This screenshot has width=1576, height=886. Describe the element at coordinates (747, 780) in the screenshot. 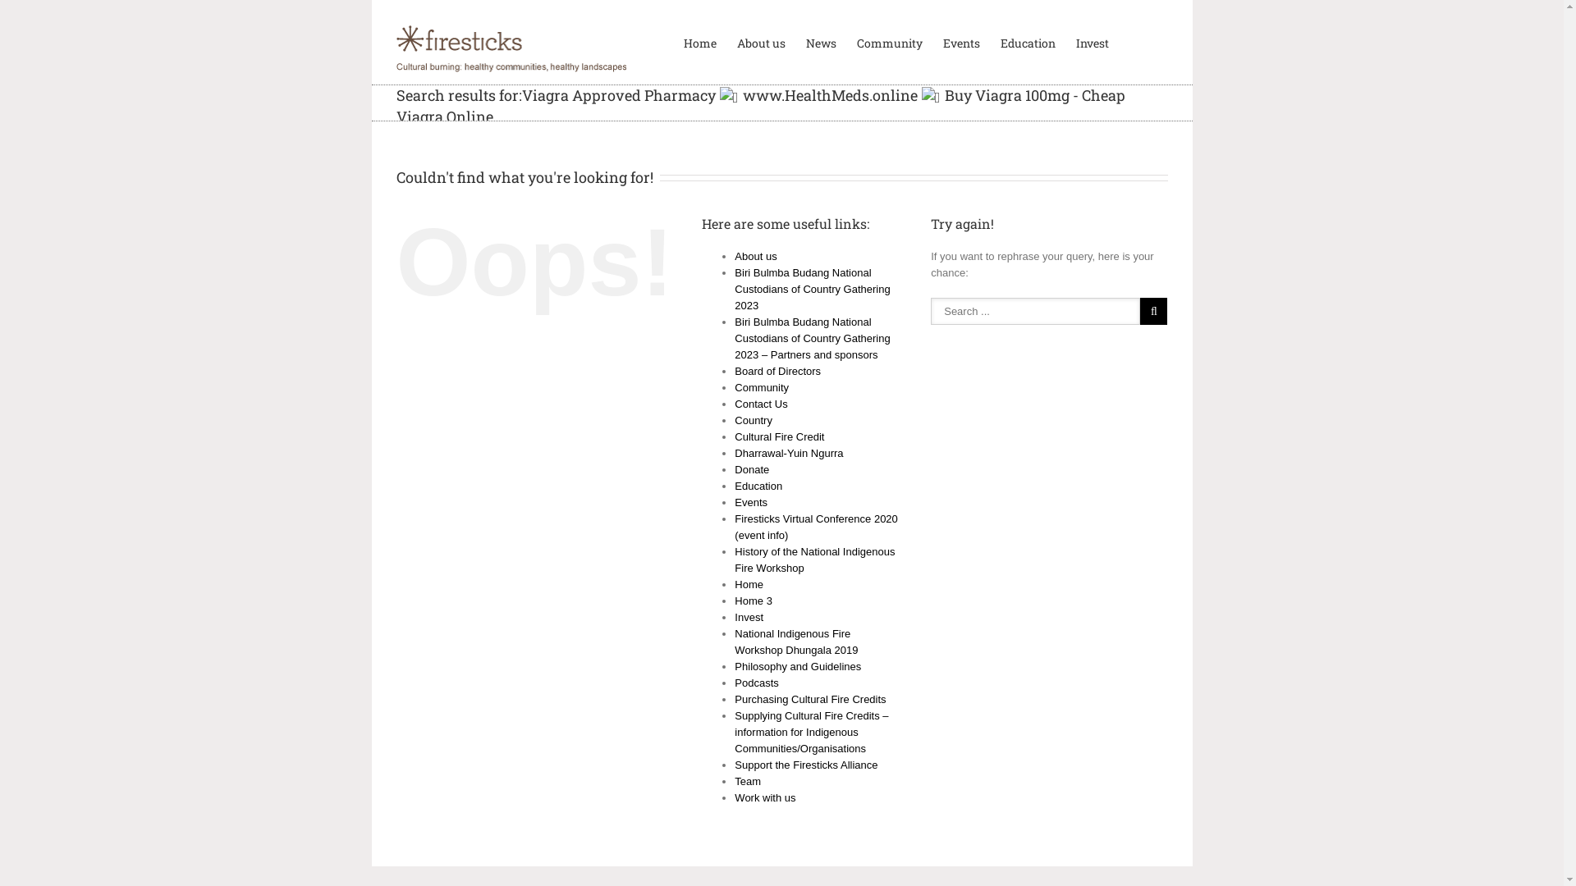

I see `'Team'` at that location.